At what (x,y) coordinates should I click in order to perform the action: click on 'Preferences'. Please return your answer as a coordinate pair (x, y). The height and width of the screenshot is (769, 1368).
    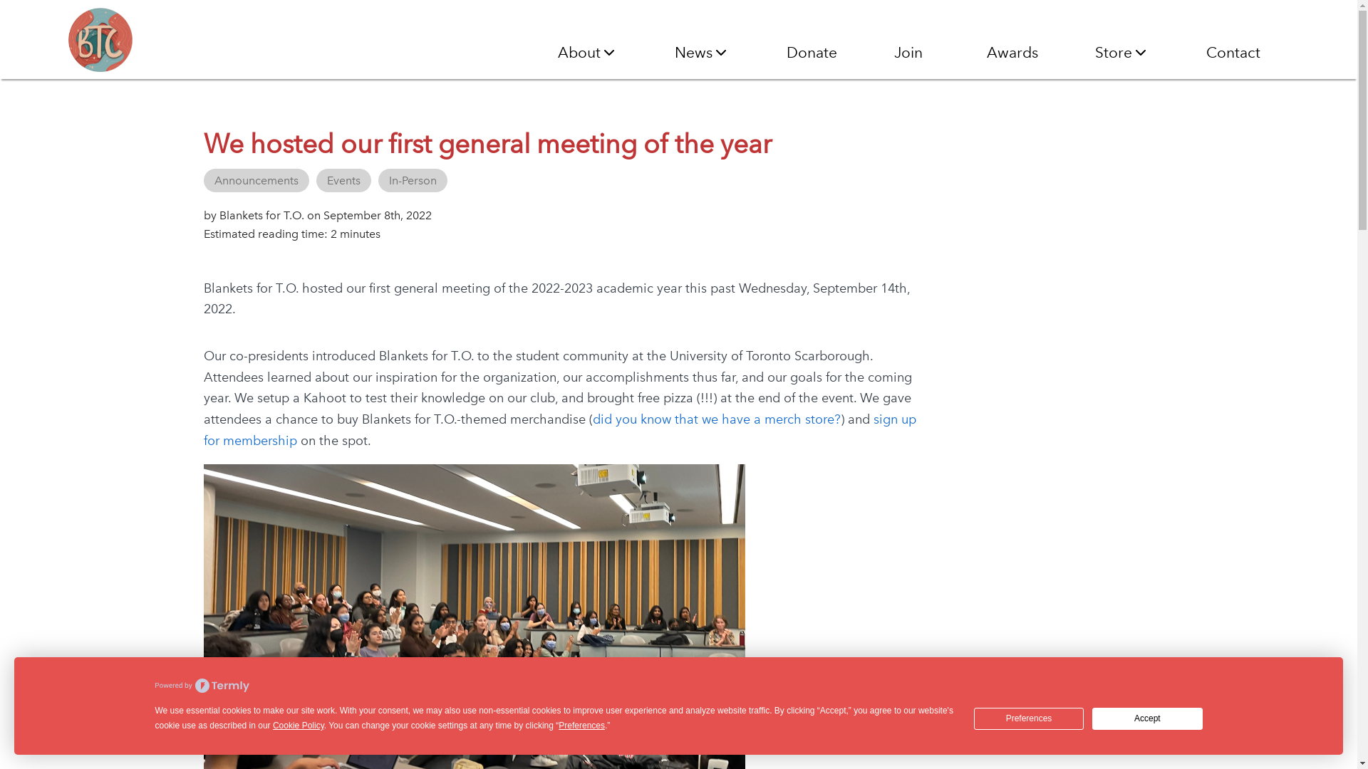
    Looking at the image, I should click on (1029, 718).